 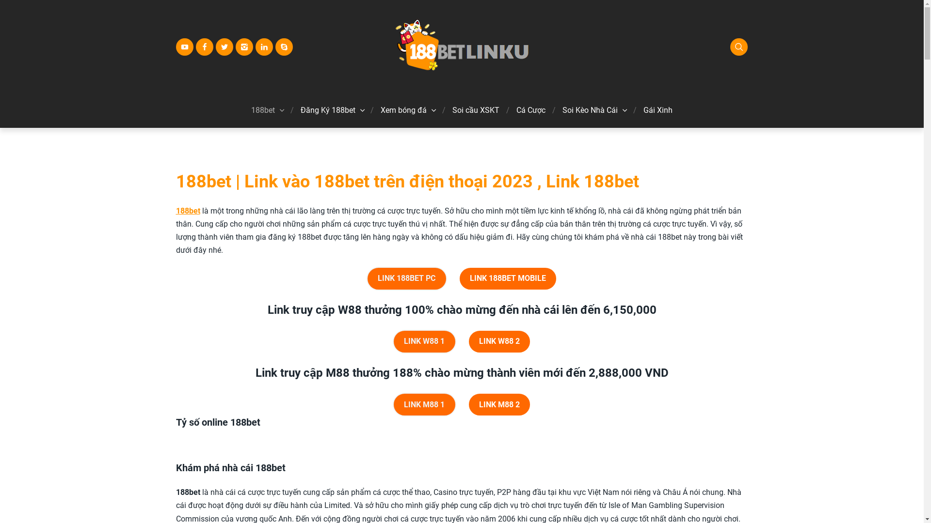 What do you see at coordinates (507, 278) in the screenshot?
I see `'LINK 188BET MOBILE'` at bounding box center [507, 278].